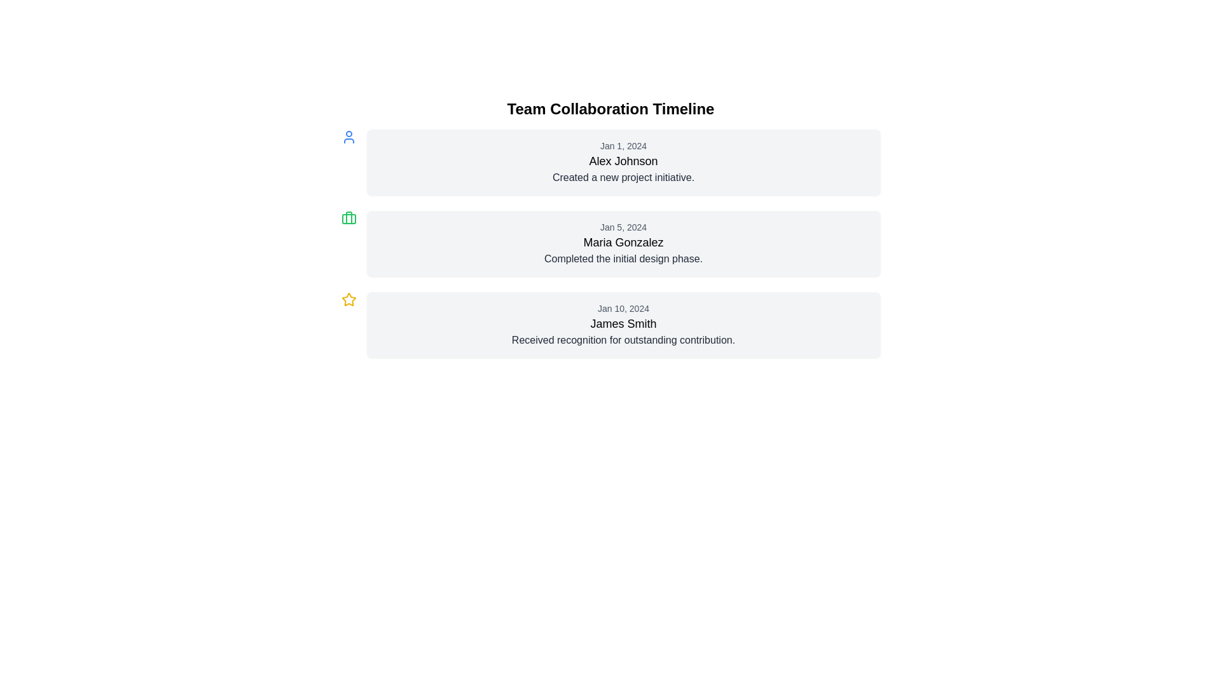 Image resolution: width=1221 pixels, height=686 pixels. Describe the element at coordinates (610, 227) in the screenshot. I see `an individual entry in the Team Collaboration Timeline, which displays updates on team contributions` at that location.